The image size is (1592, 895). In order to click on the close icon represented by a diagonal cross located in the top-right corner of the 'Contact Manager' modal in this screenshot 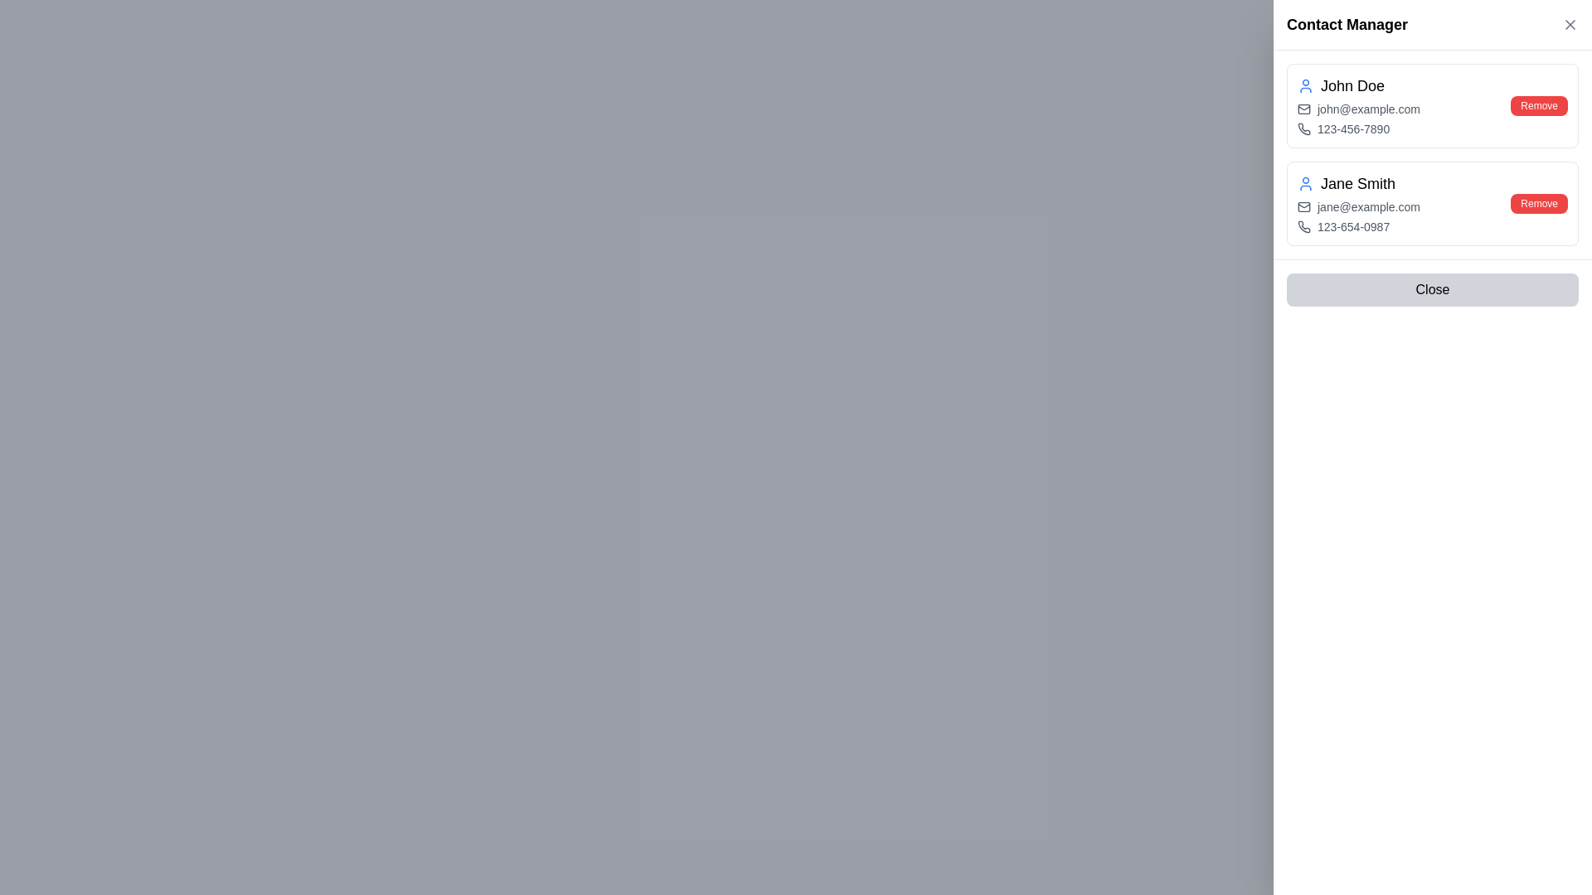, I will do `click(1570, 25)`.